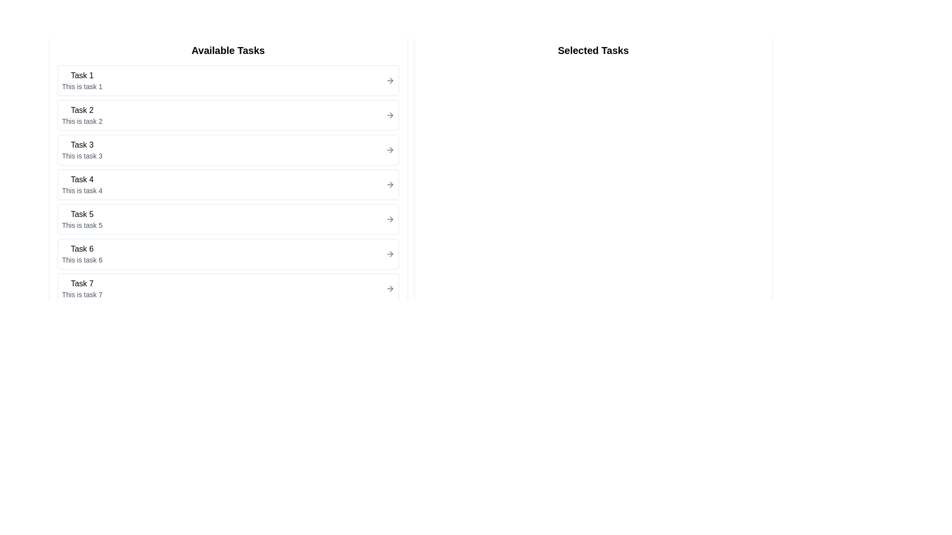  Describe the element at coordinates (82, 121) in the screenshot. I see `the text element displaying 'This is task 2', which is located below the 'Task 2' label in the 'Available Tasks' section` at that location.